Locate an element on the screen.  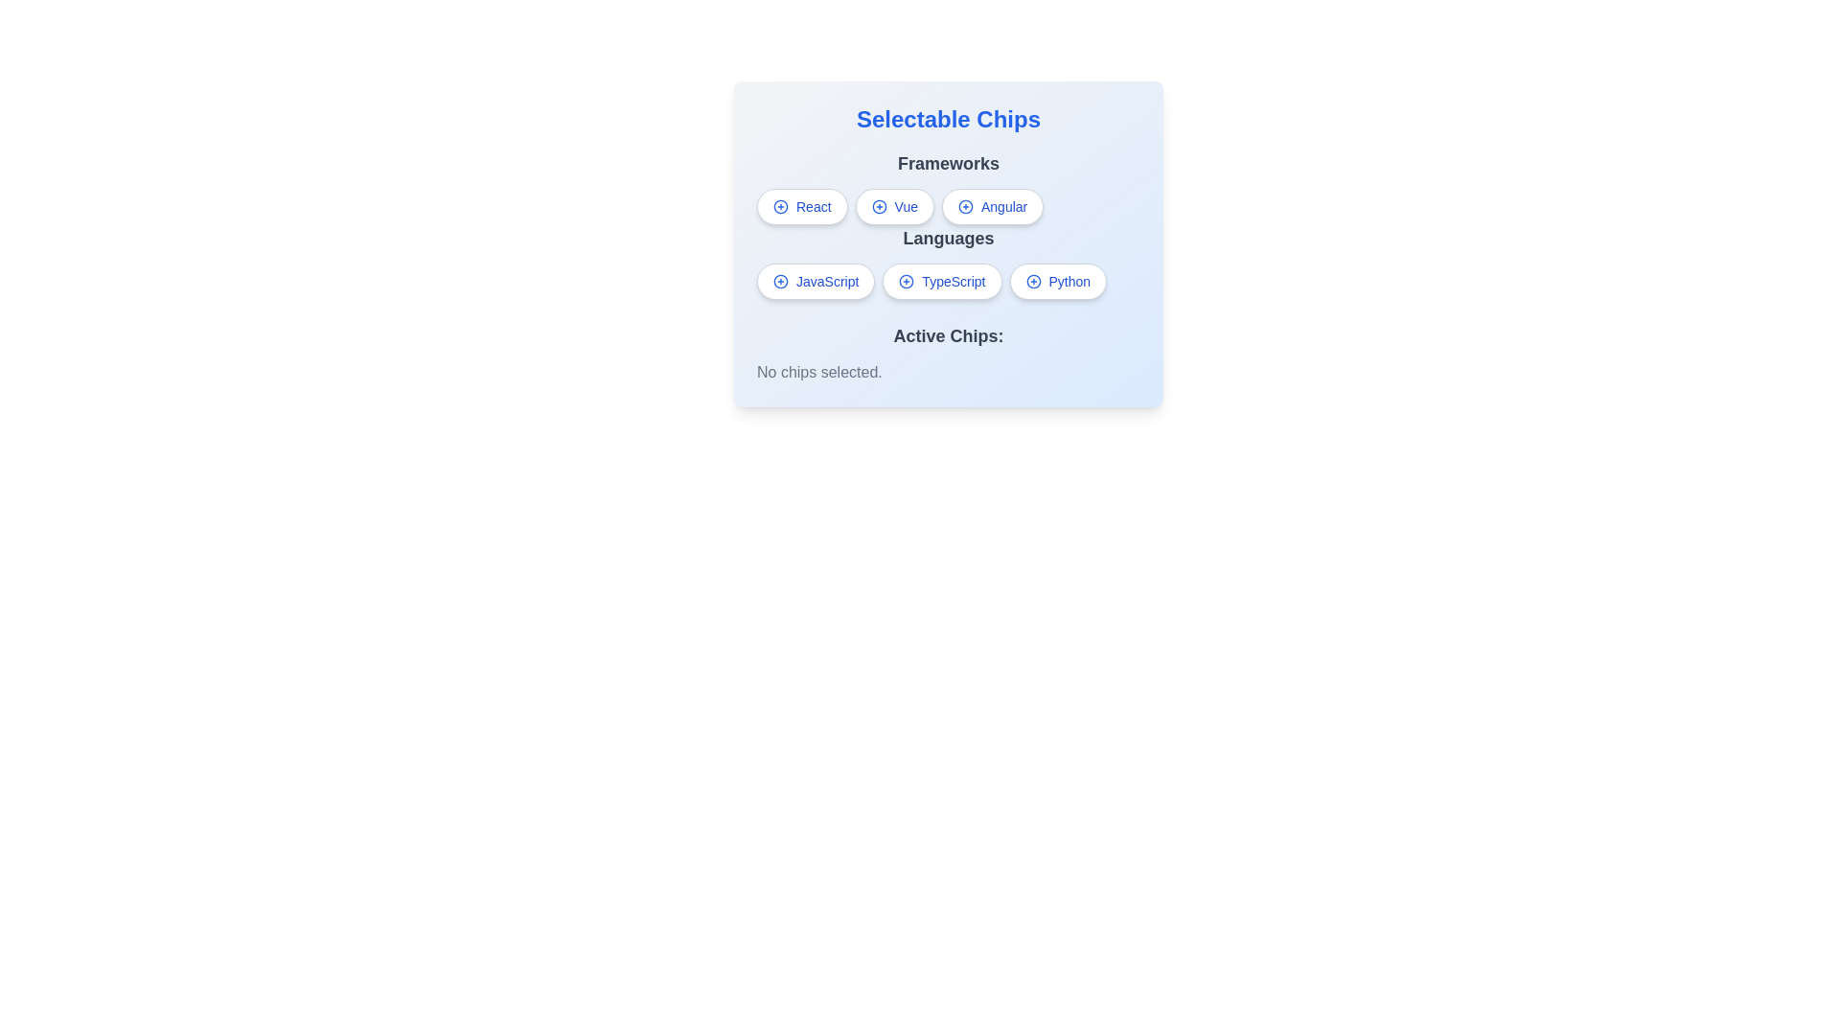
the visual indicator icon associated with the 'React' button in the 'Frameworks' section is located at coordinates (781, 207).